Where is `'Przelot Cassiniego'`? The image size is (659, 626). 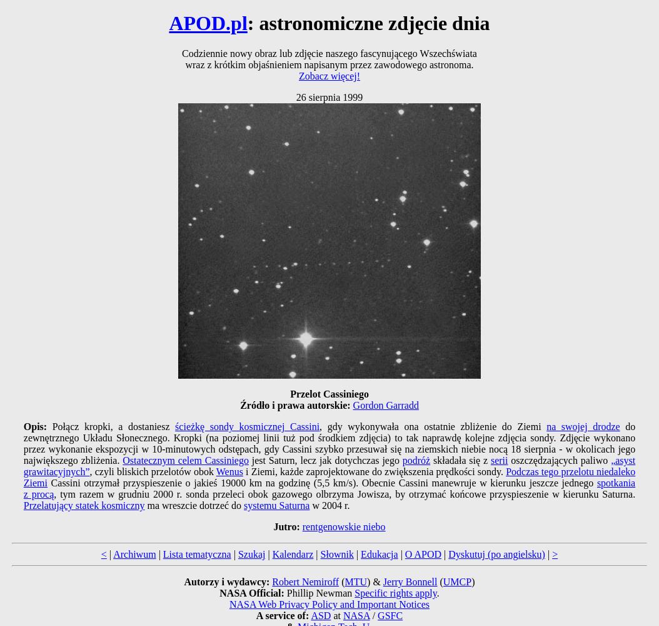
'Przelot Cassiniego' is located at coordinates (289, 394).